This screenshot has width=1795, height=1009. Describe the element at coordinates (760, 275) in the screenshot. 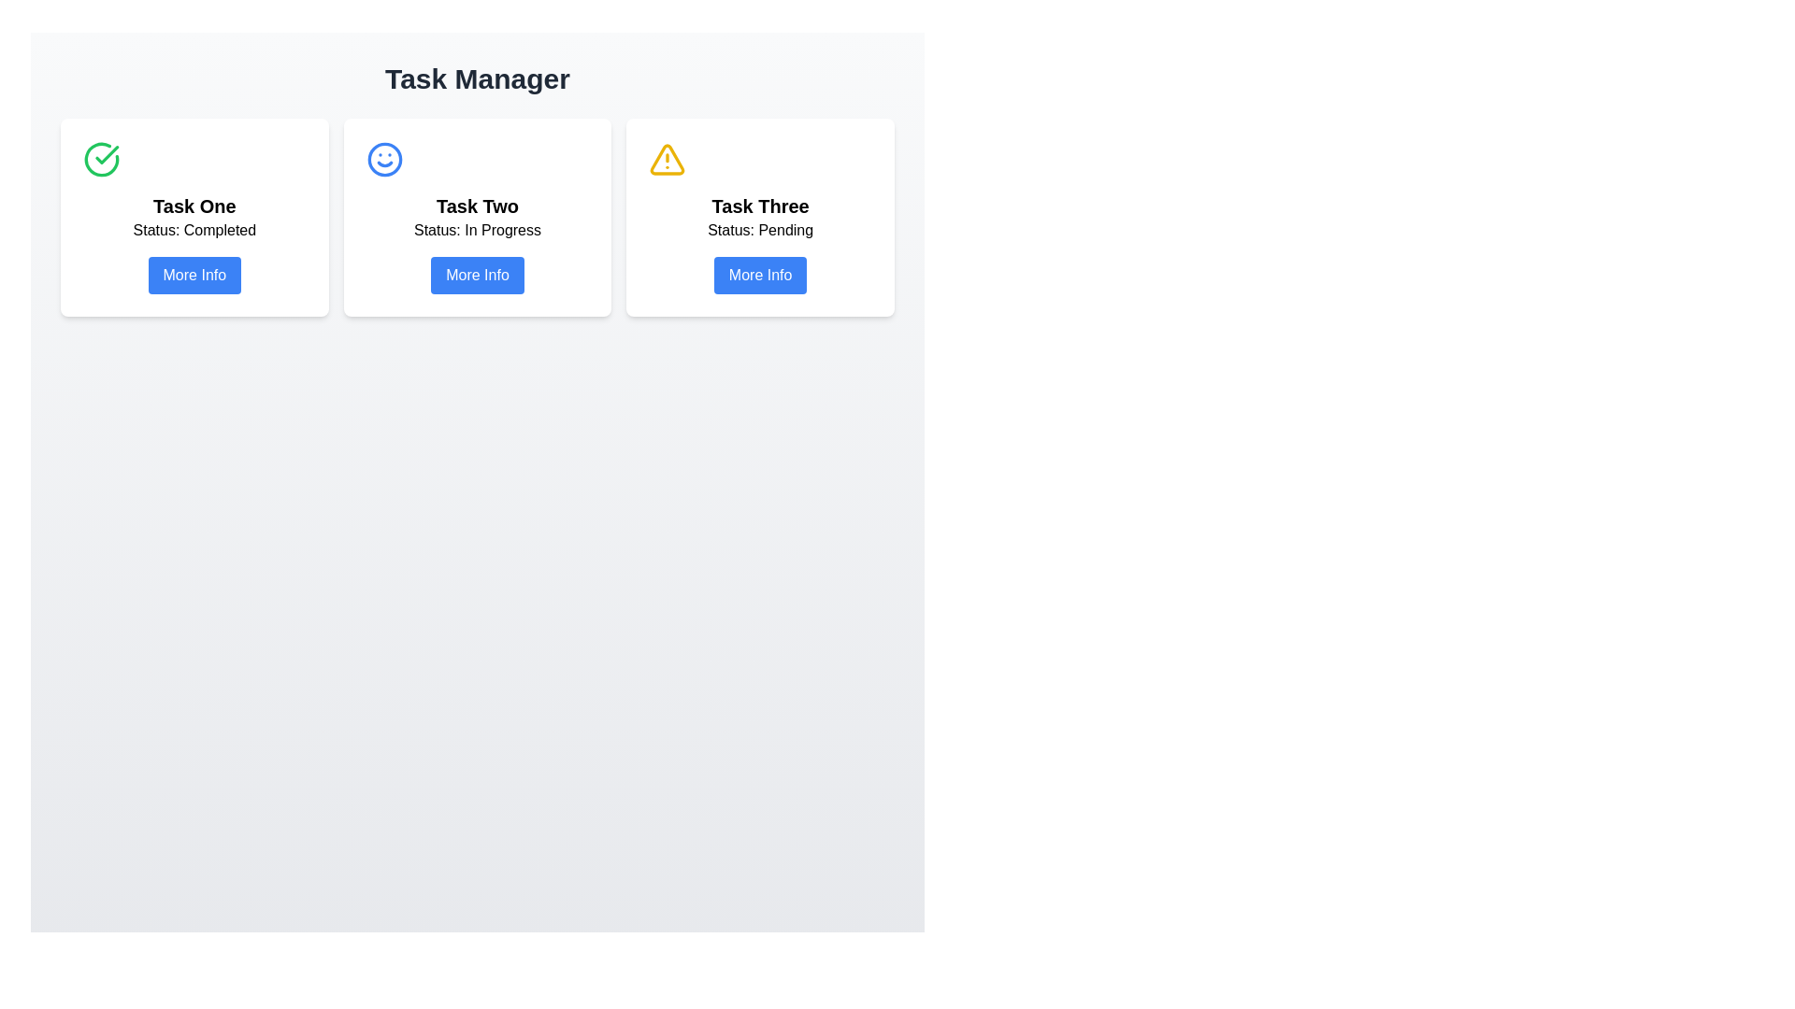

I see `the 'More Info' button, which has a blue background and white text` at that location.